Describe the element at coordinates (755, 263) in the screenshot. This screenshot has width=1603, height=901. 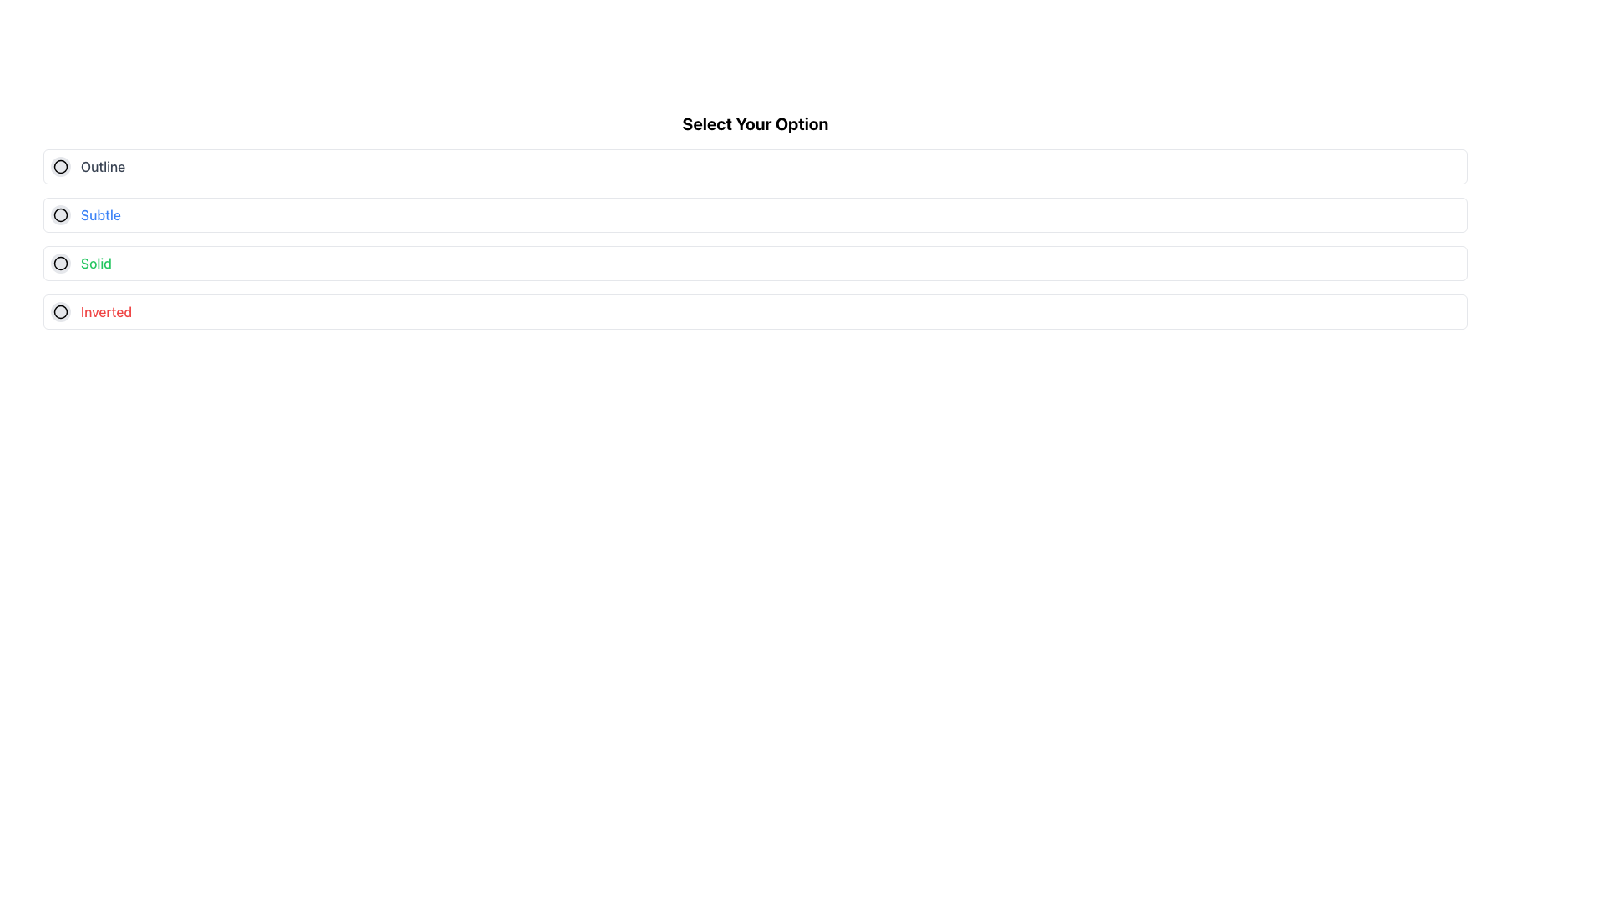
I see `the 'Solid' radio button in the option row` at that location.